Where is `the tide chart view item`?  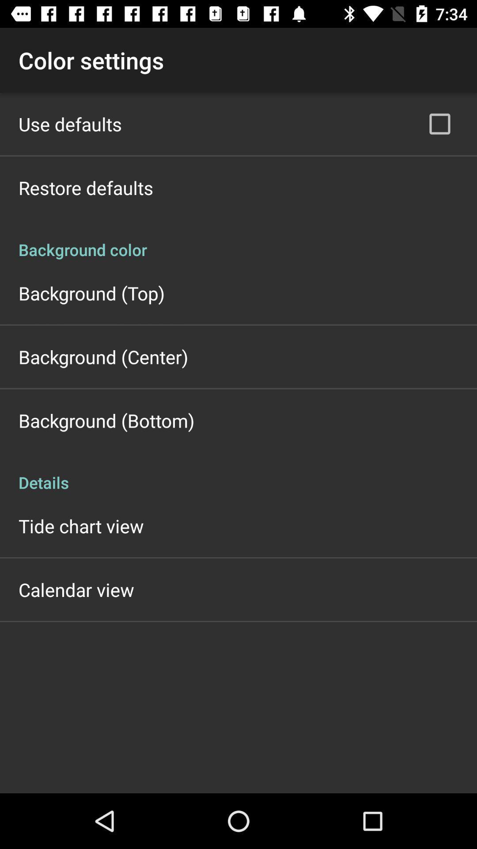 the tide chart view item is located at coordinates (81, 526).